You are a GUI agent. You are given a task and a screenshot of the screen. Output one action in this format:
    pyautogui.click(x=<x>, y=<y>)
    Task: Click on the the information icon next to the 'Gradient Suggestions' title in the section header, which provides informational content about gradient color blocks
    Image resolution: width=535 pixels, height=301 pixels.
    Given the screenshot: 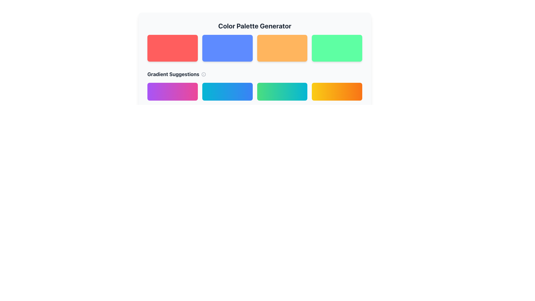 What is the action you would take?
    pyautogui.click(x=254, y=86)
    